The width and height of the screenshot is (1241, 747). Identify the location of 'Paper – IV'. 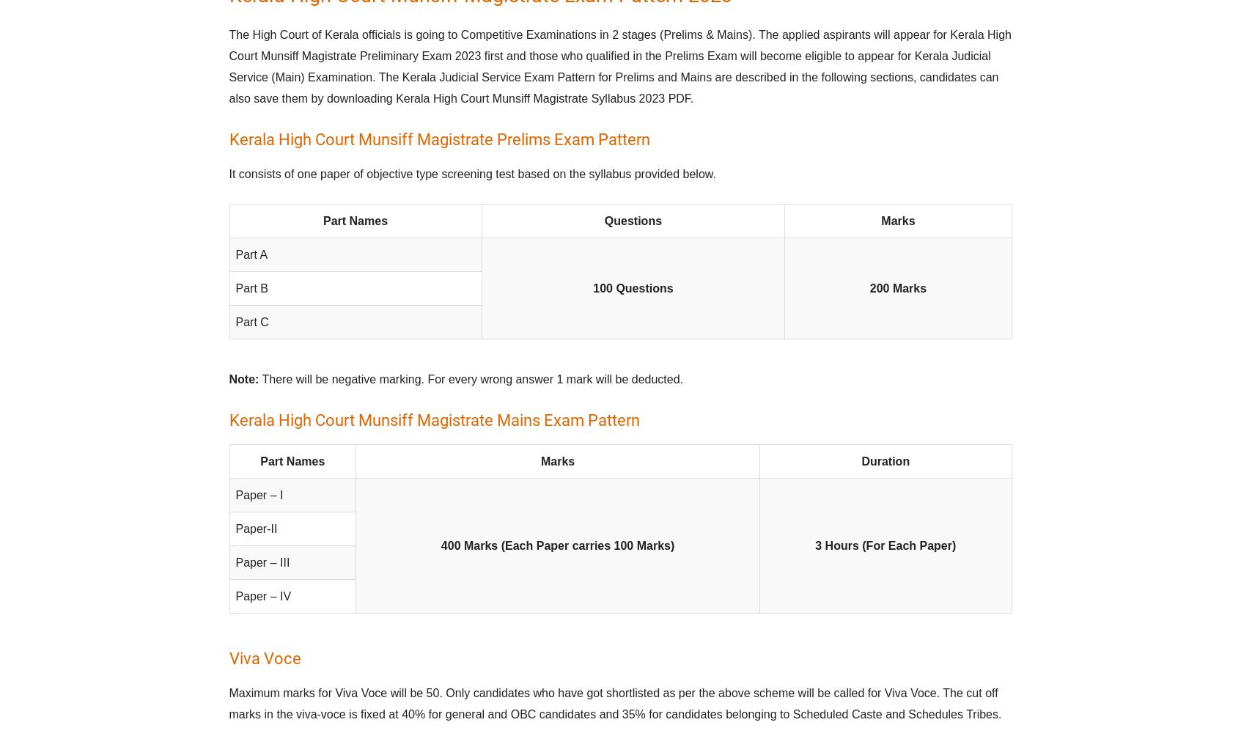
(262, 596).